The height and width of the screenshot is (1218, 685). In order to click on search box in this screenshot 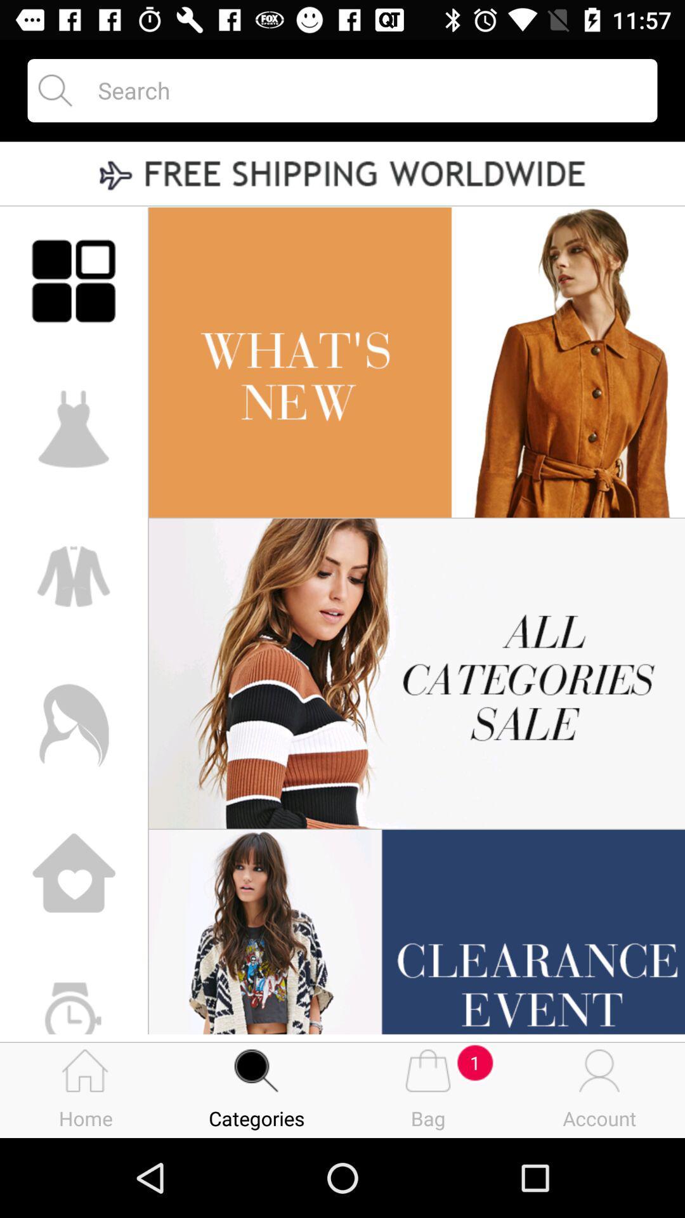, I will do `click(366, 89)`.